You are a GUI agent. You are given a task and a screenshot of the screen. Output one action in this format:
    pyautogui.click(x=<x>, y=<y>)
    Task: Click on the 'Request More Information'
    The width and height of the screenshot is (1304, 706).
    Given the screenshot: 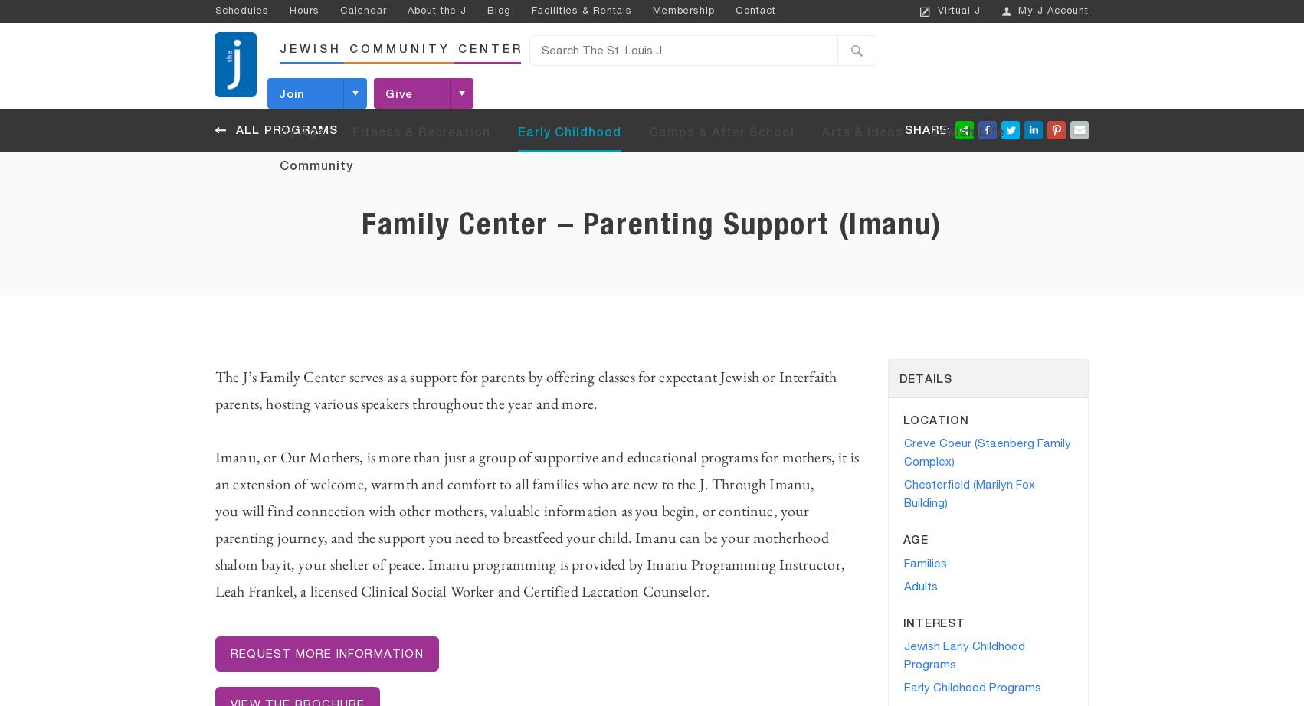 What is the action you would take?
    pyautogui.click(x=326, y=653)
    